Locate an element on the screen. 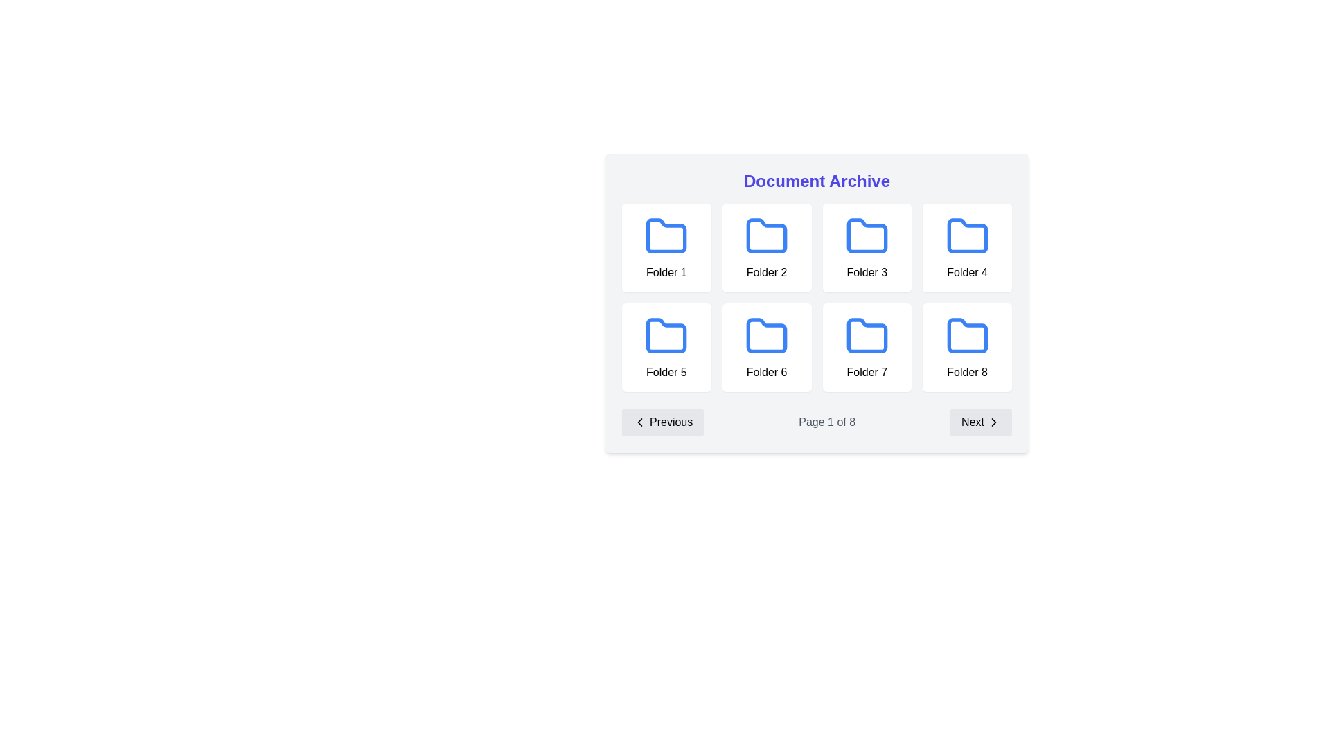 The image size is (1330, 748). the text label that serves as a name or content descriptor for the associated folder, located in the second row, fourth column of the grid is located at coordinates (866, 371).